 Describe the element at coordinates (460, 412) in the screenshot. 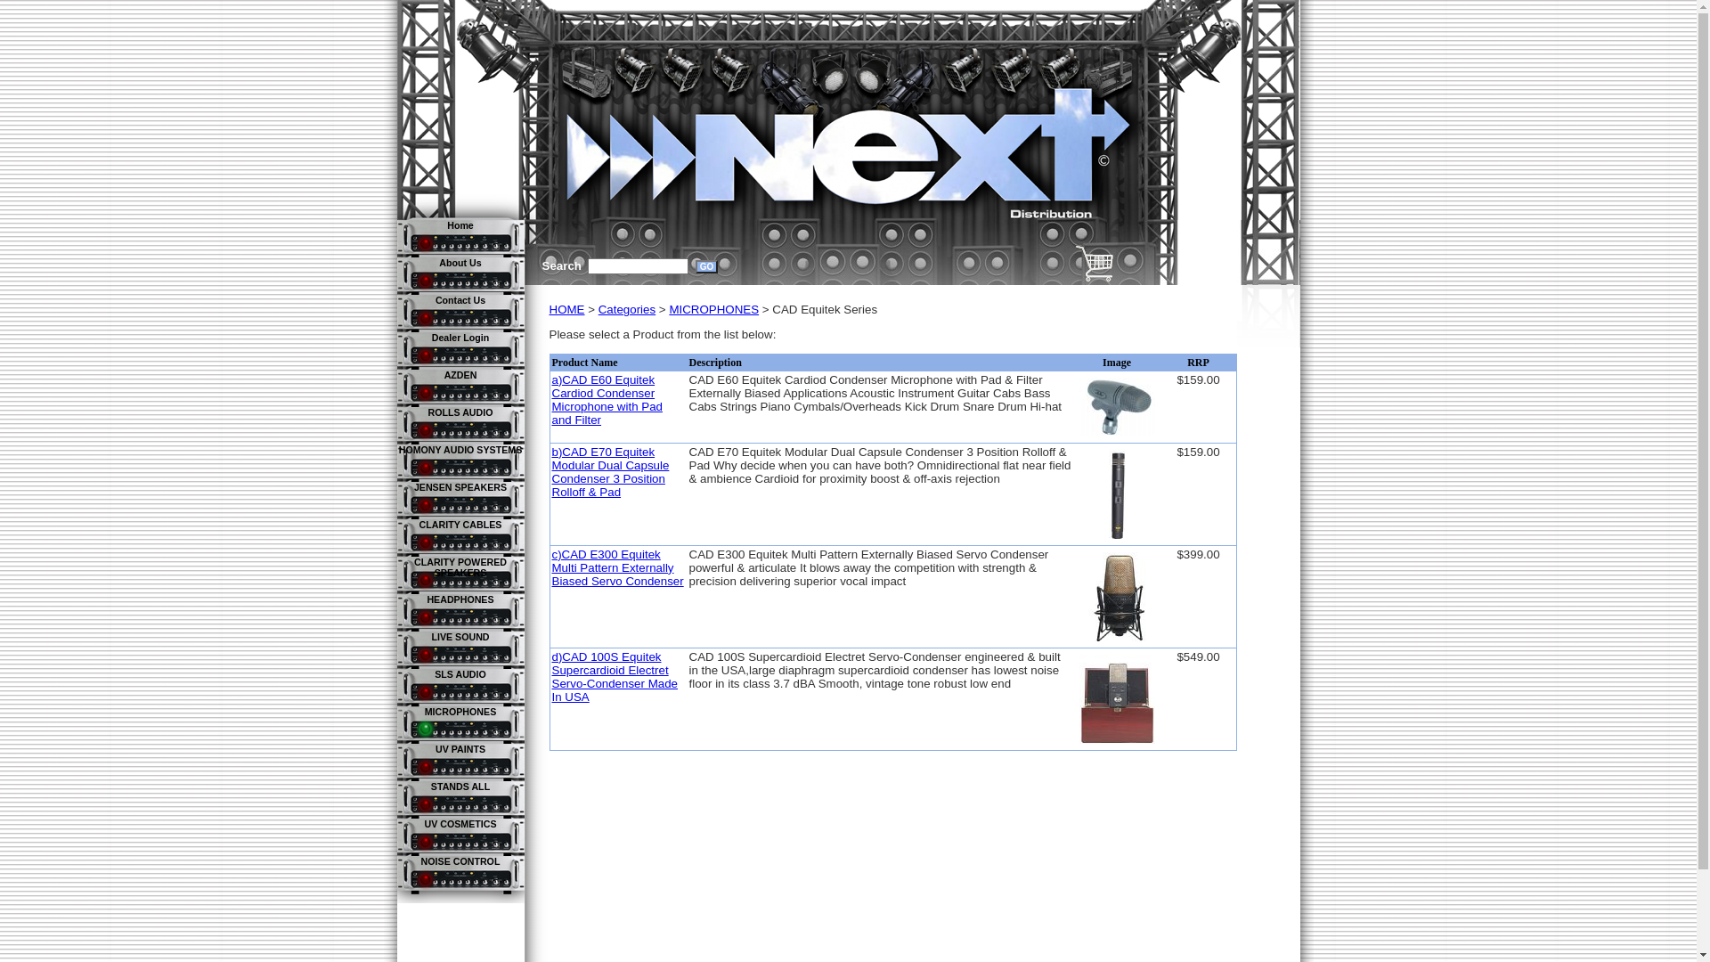

I see `'ROLLS AUDIO'` at that location.